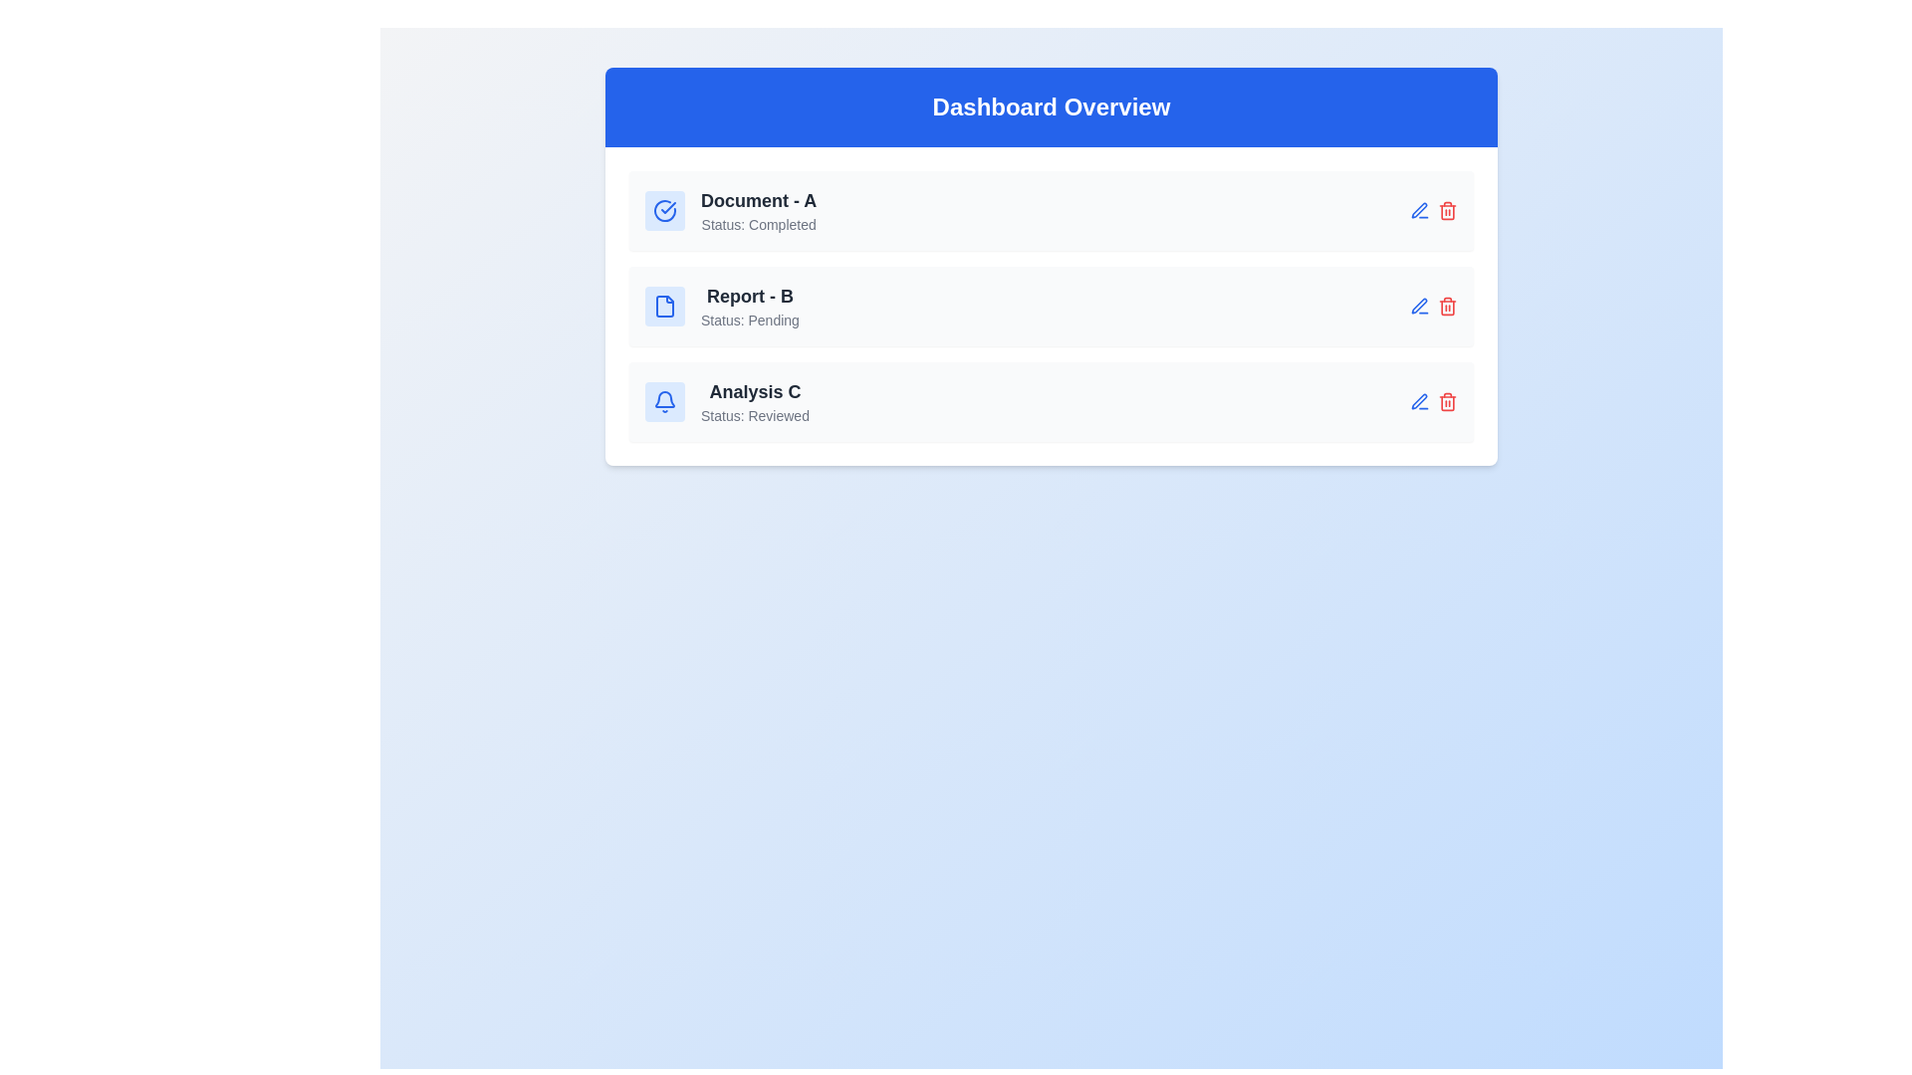  Describe the element at coordinates (749, 319) in the screenshot. I see `the status indicator displaying 'Status: Pending', which is located beneath the label 'Report - B' in the central content section` at that location.